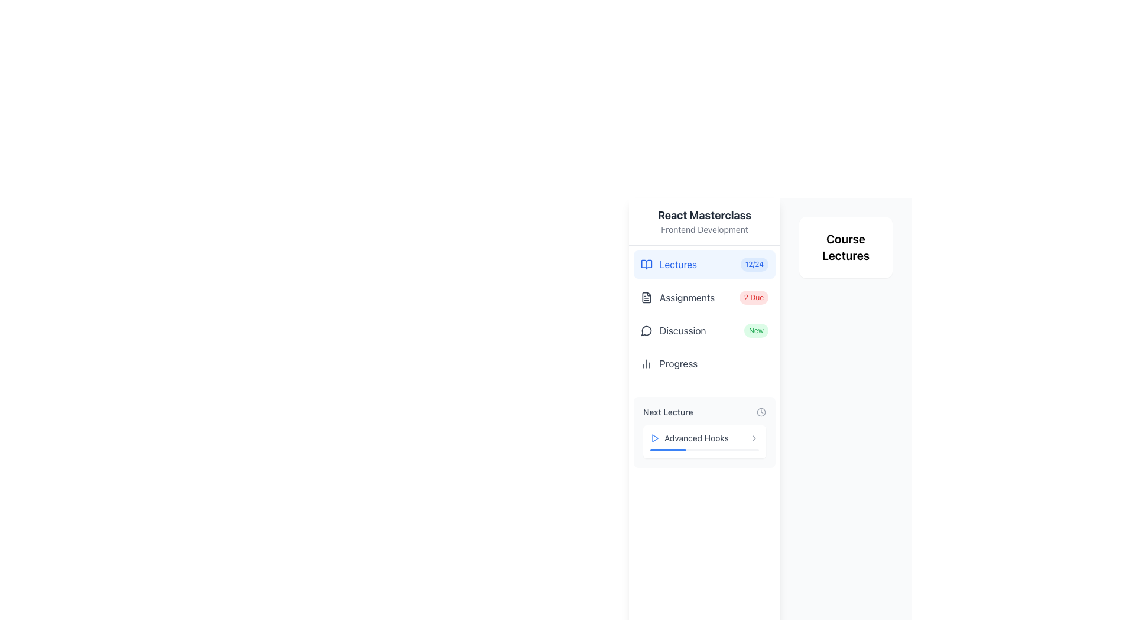 This screenshot has height=638, width=1135. I want to click on the green badge on the 'Discussion' button to interact with the 'New' marker, which is the third item in the vertical sidebar list, so click(704, 330).